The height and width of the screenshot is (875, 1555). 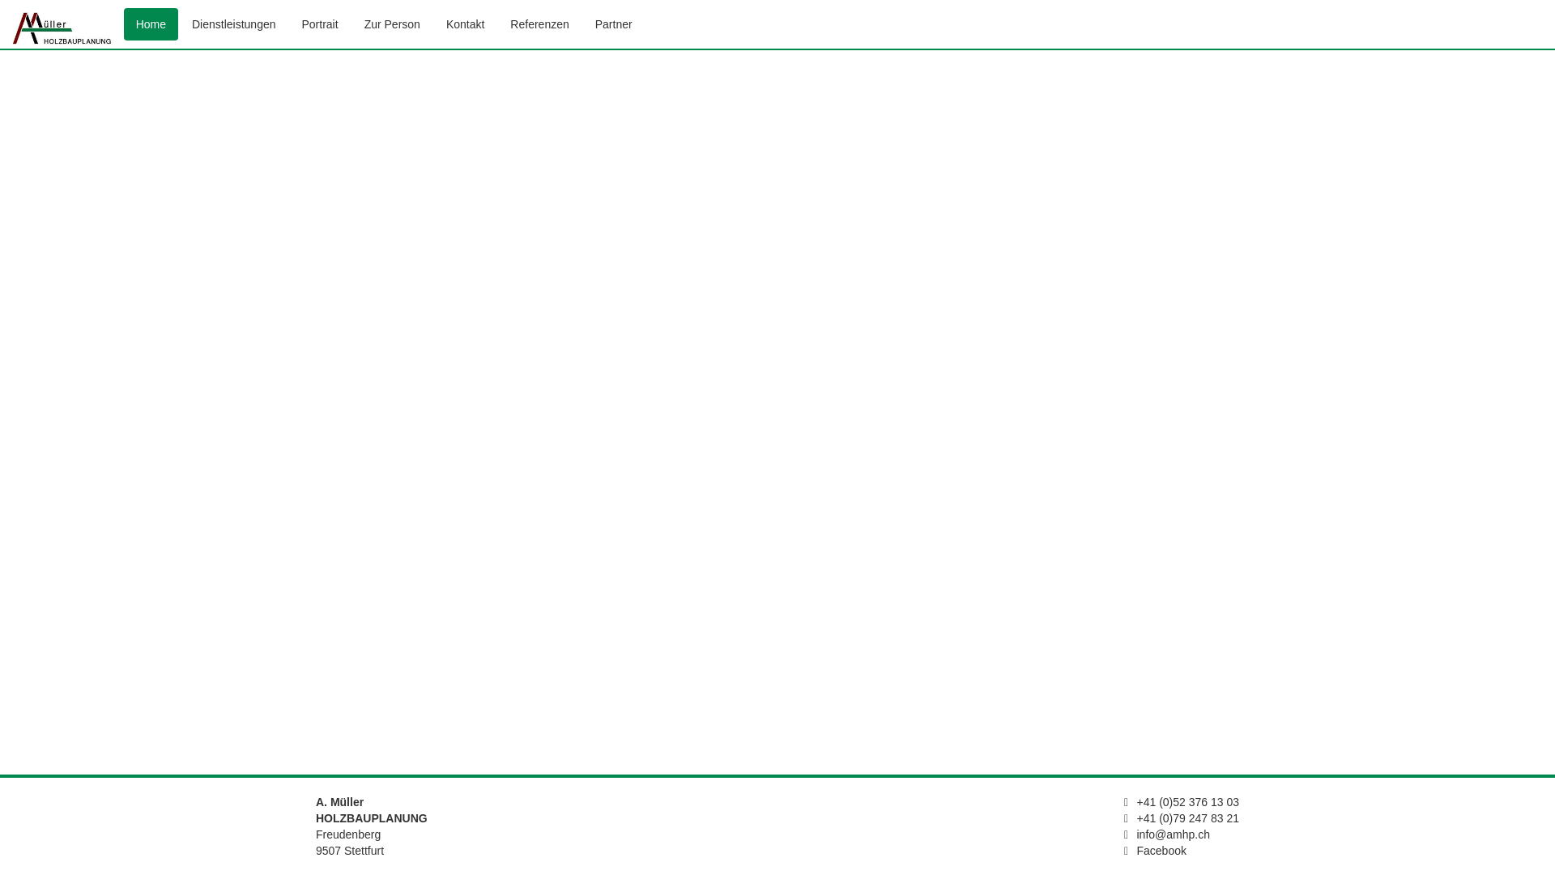 I want to click on 'Partner', so click(x=613, y=24).